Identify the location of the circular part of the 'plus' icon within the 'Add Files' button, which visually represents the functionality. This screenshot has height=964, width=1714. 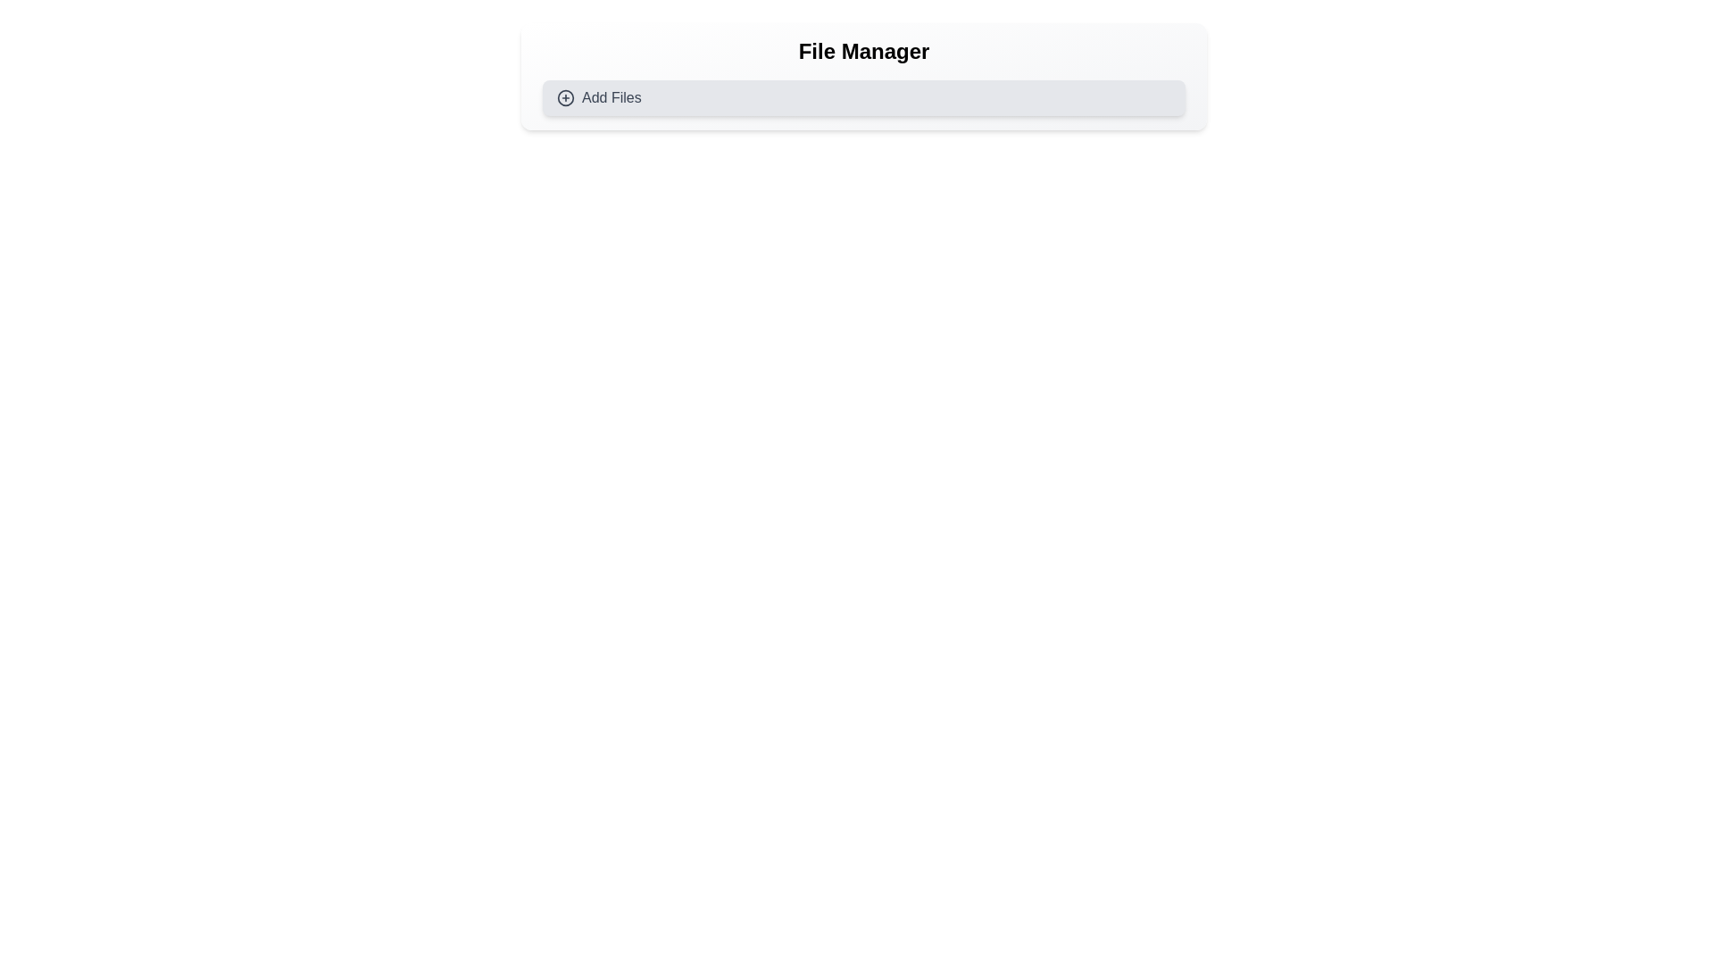
(564, 98).